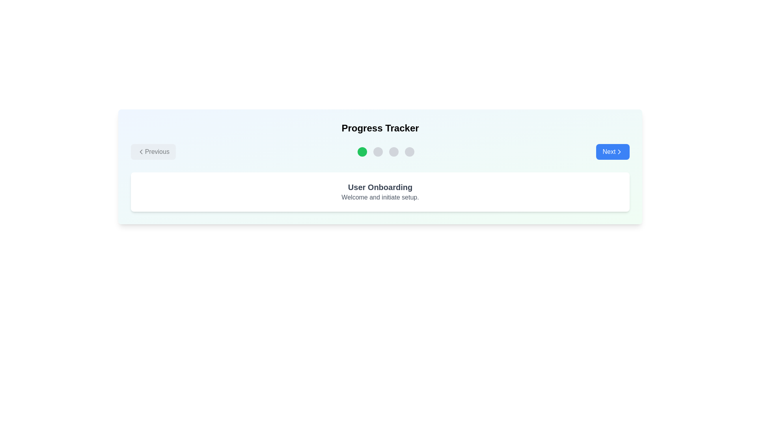 This screenshot has width=757, height=425. I want to click on the button labeled Next to observe hover effects, so click(613, 152).